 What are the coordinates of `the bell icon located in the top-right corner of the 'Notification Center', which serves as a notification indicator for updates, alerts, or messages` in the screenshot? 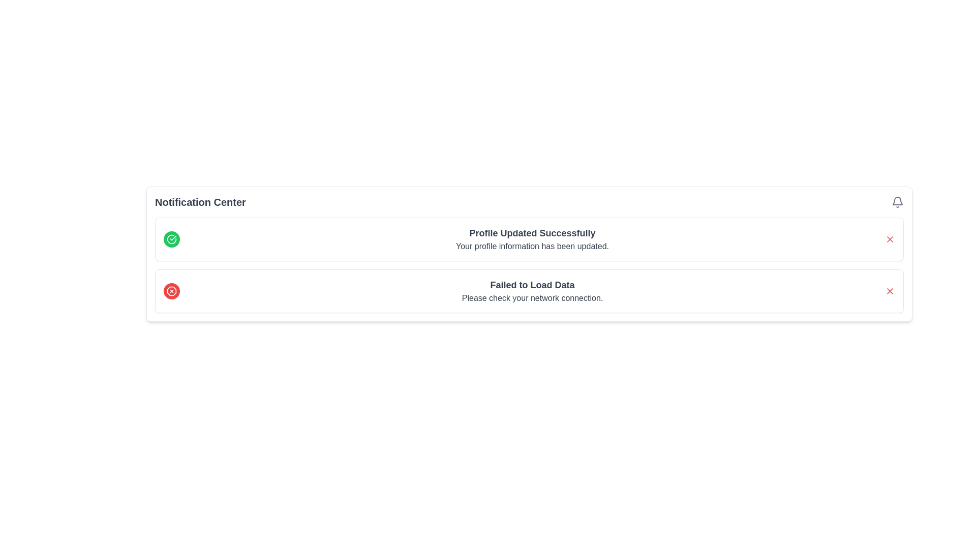 It's located at (898, 202).